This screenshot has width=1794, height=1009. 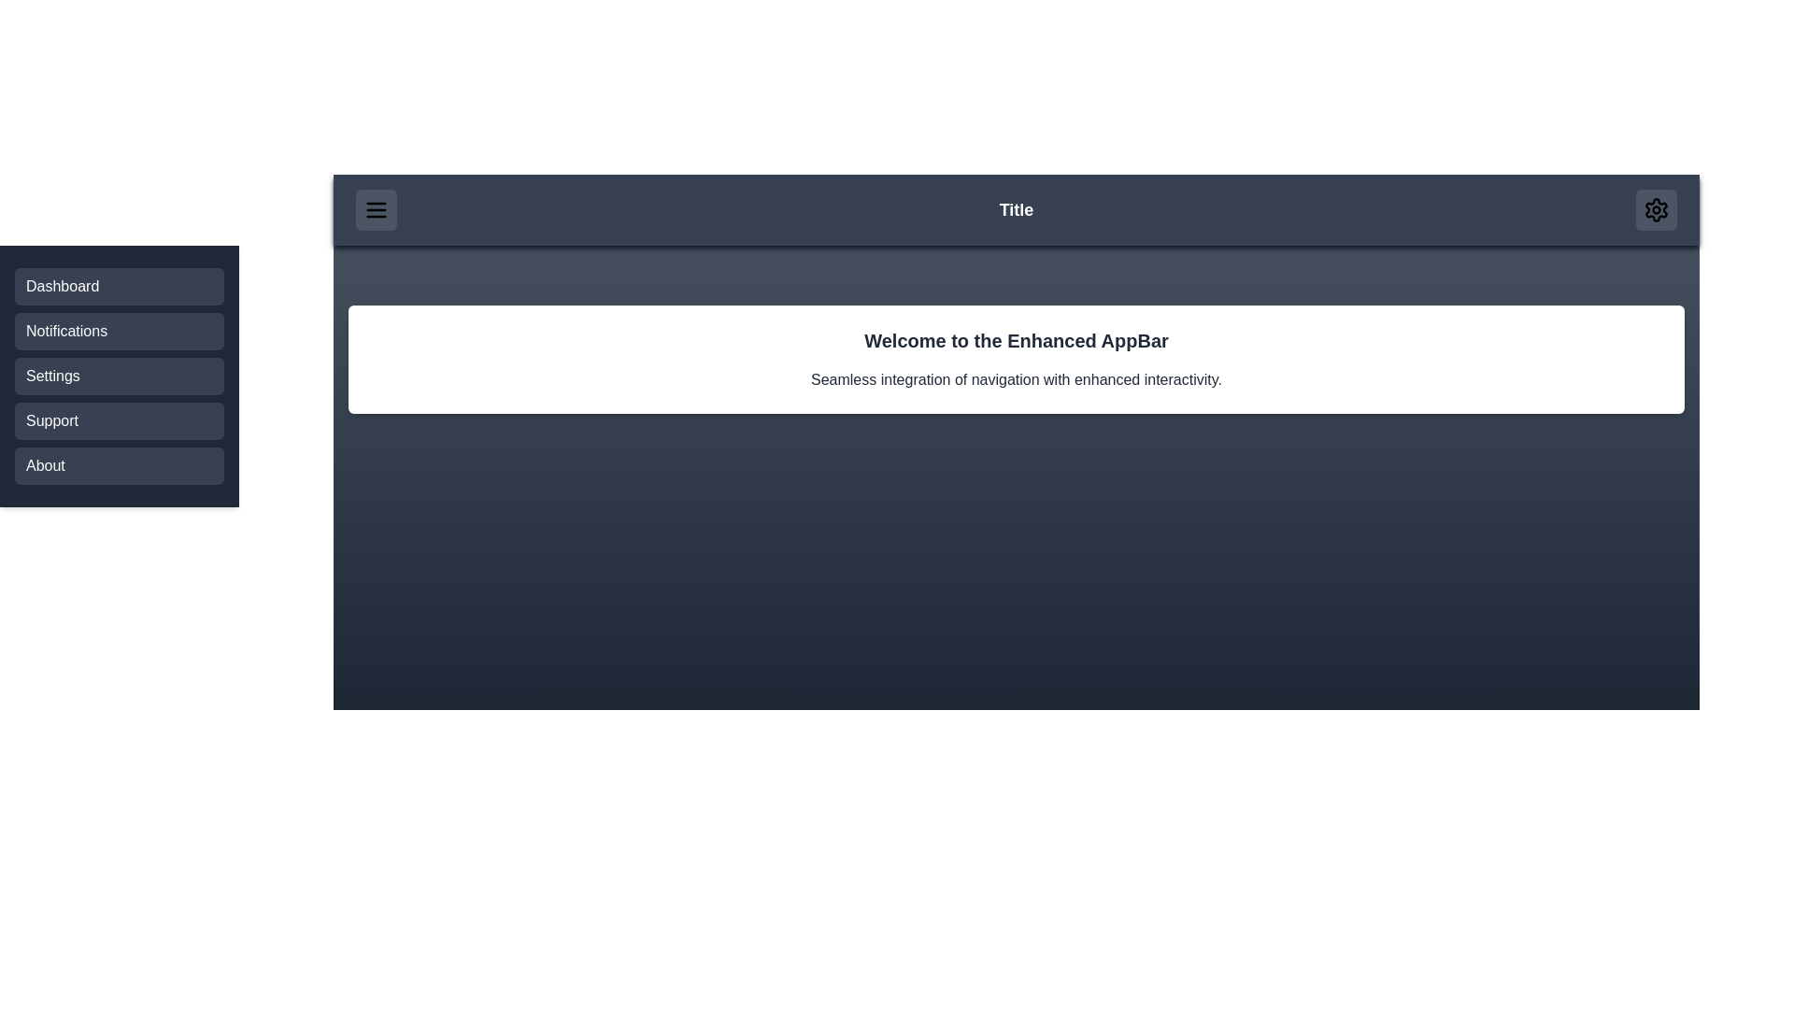 What do you see at coordinates (119, 464) in the screenshot?
I see `the About menu item` at bounding box center [119, 464].